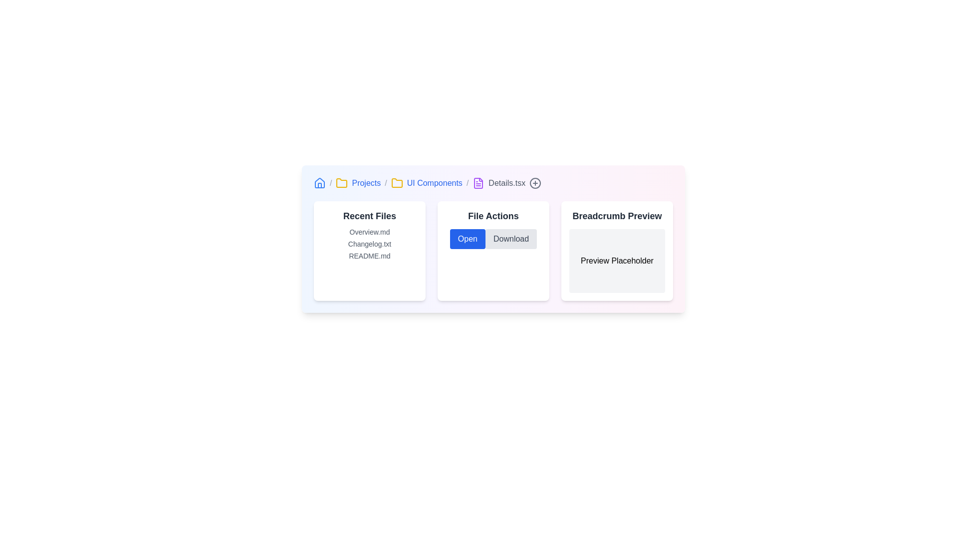 This screenshot has height=538, width=958. Describe the element at coordinates (535, 183) in the screenshot. I see `the SVG Circle element that represents the add functionality, located at the center of the 'Add New' button on the right side of the header bar` at that location.